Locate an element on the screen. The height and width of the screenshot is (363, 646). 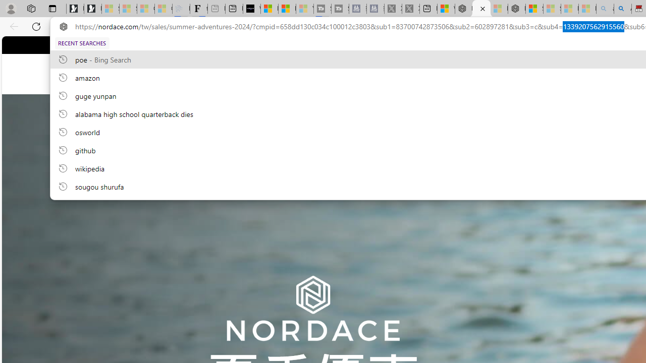
'What' is located at coordinates (252, 9).